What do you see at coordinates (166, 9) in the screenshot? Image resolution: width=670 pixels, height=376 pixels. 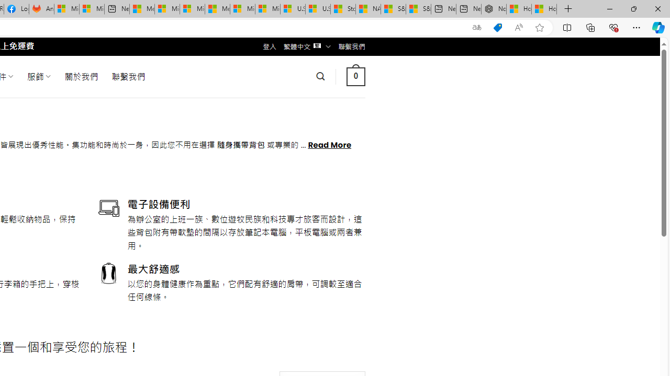 I see `'Microsoft account | Privacy'` at bounding box center [166, 9].